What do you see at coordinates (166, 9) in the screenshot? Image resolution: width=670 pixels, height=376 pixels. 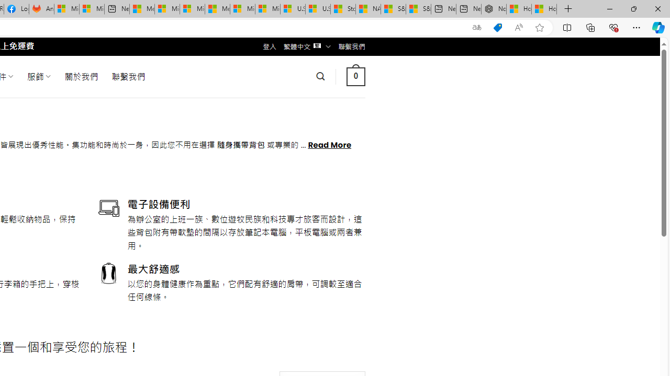 I see `'Microsoft account | Privacy'` at bounding box center [166, 9].